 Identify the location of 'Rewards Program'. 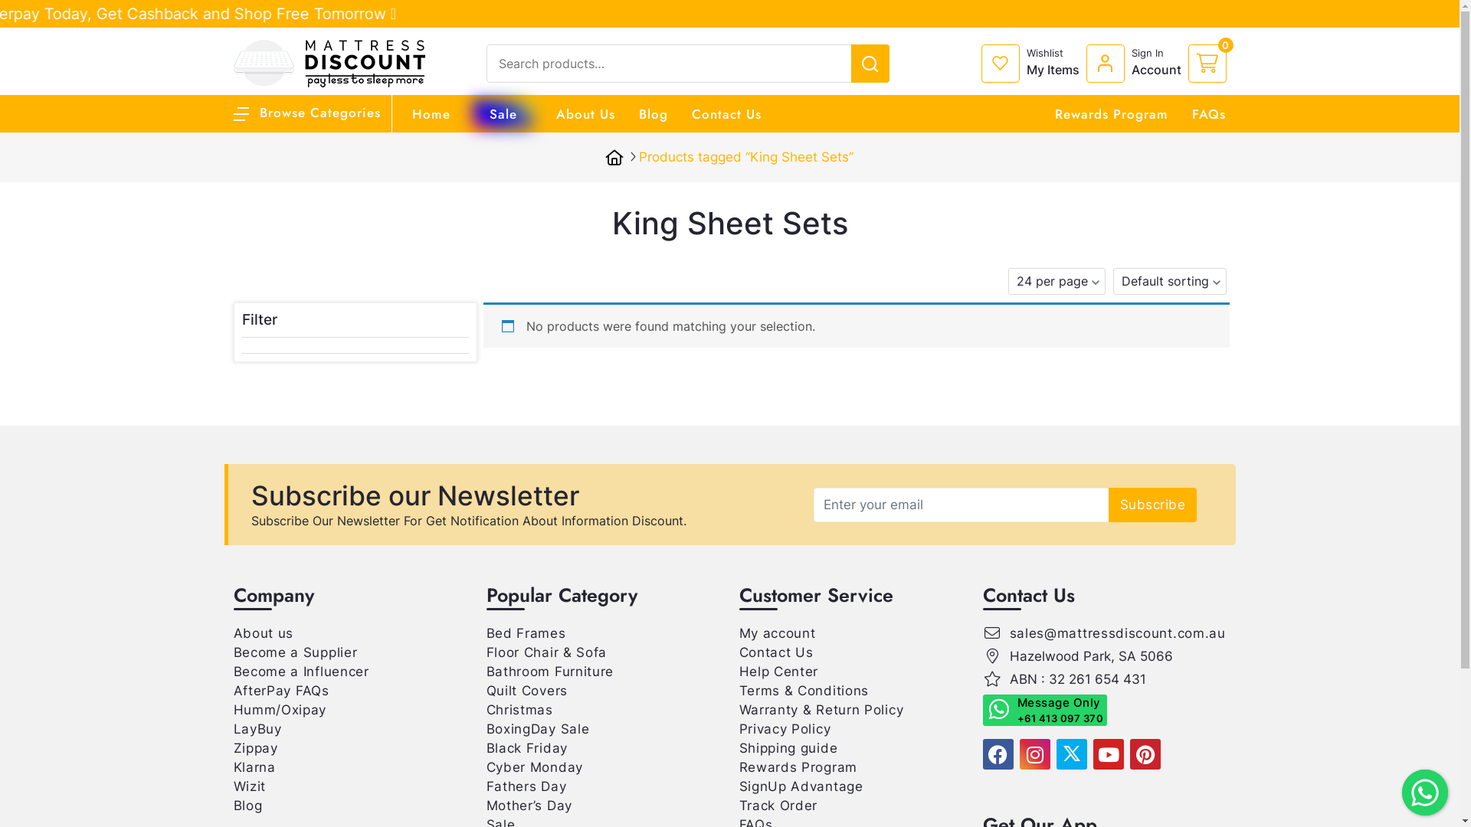
(1053, 113).